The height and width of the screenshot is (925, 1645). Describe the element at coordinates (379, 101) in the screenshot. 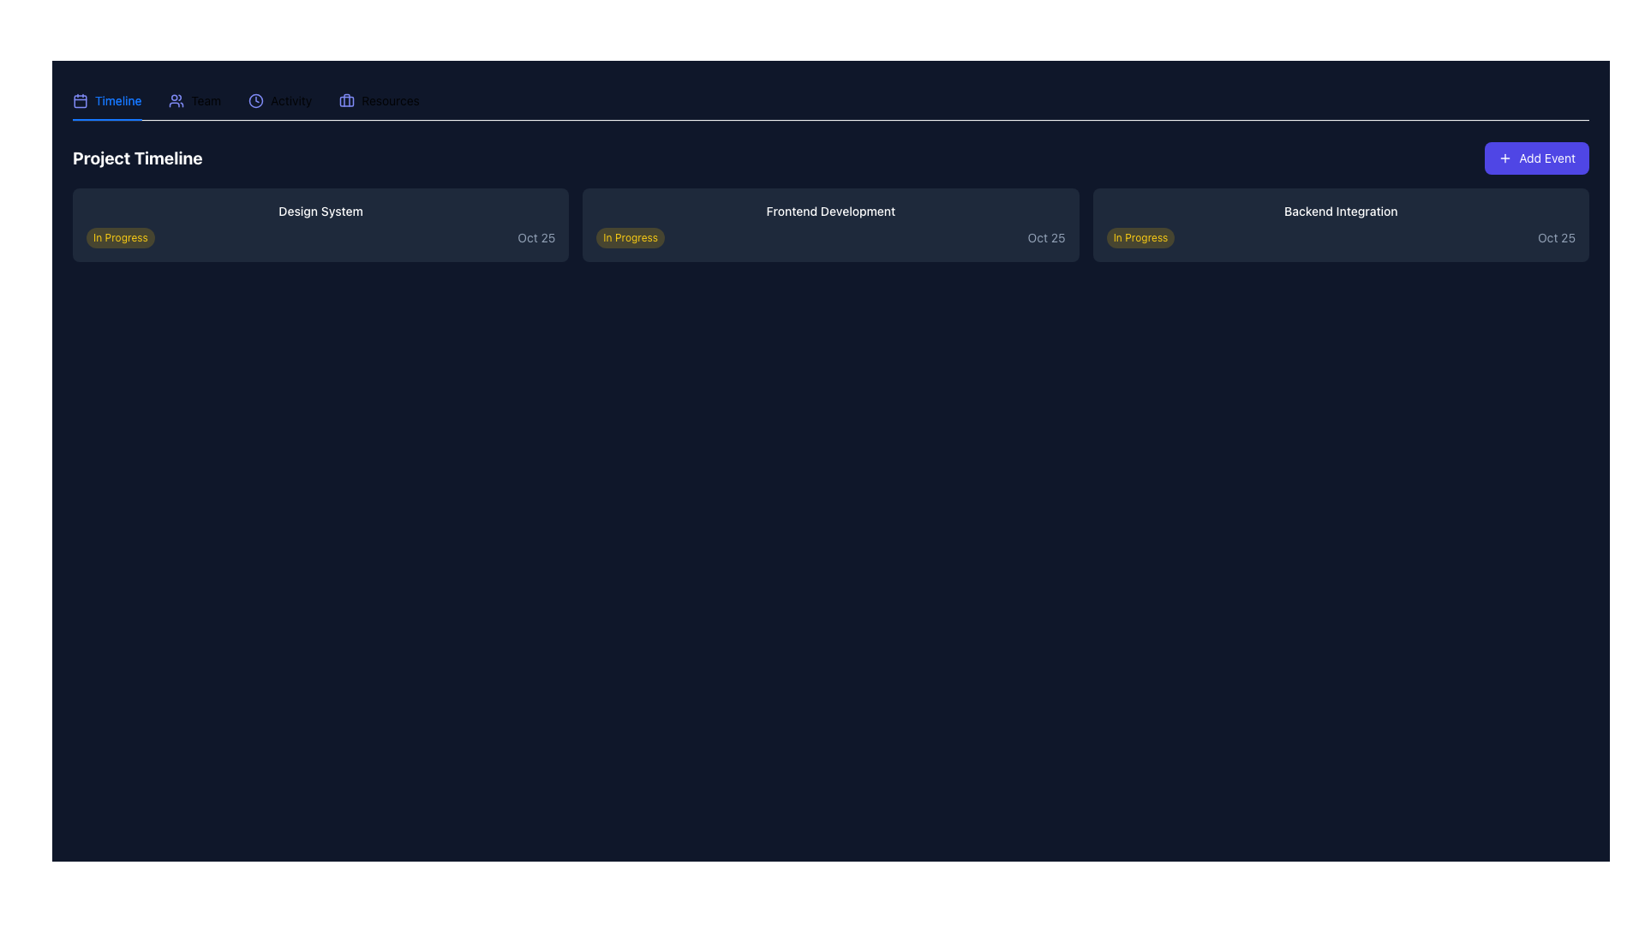

I see `the fourth tab in the horizontal navigation bar` at that location.